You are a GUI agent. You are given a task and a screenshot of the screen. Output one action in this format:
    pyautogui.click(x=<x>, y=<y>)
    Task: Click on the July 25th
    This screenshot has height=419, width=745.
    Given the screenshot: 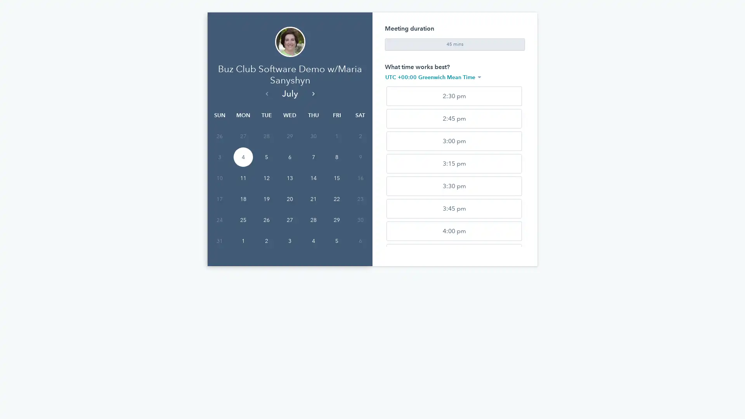 What is the action you would take?
    pyautogui.click(x=242, y=249)
    